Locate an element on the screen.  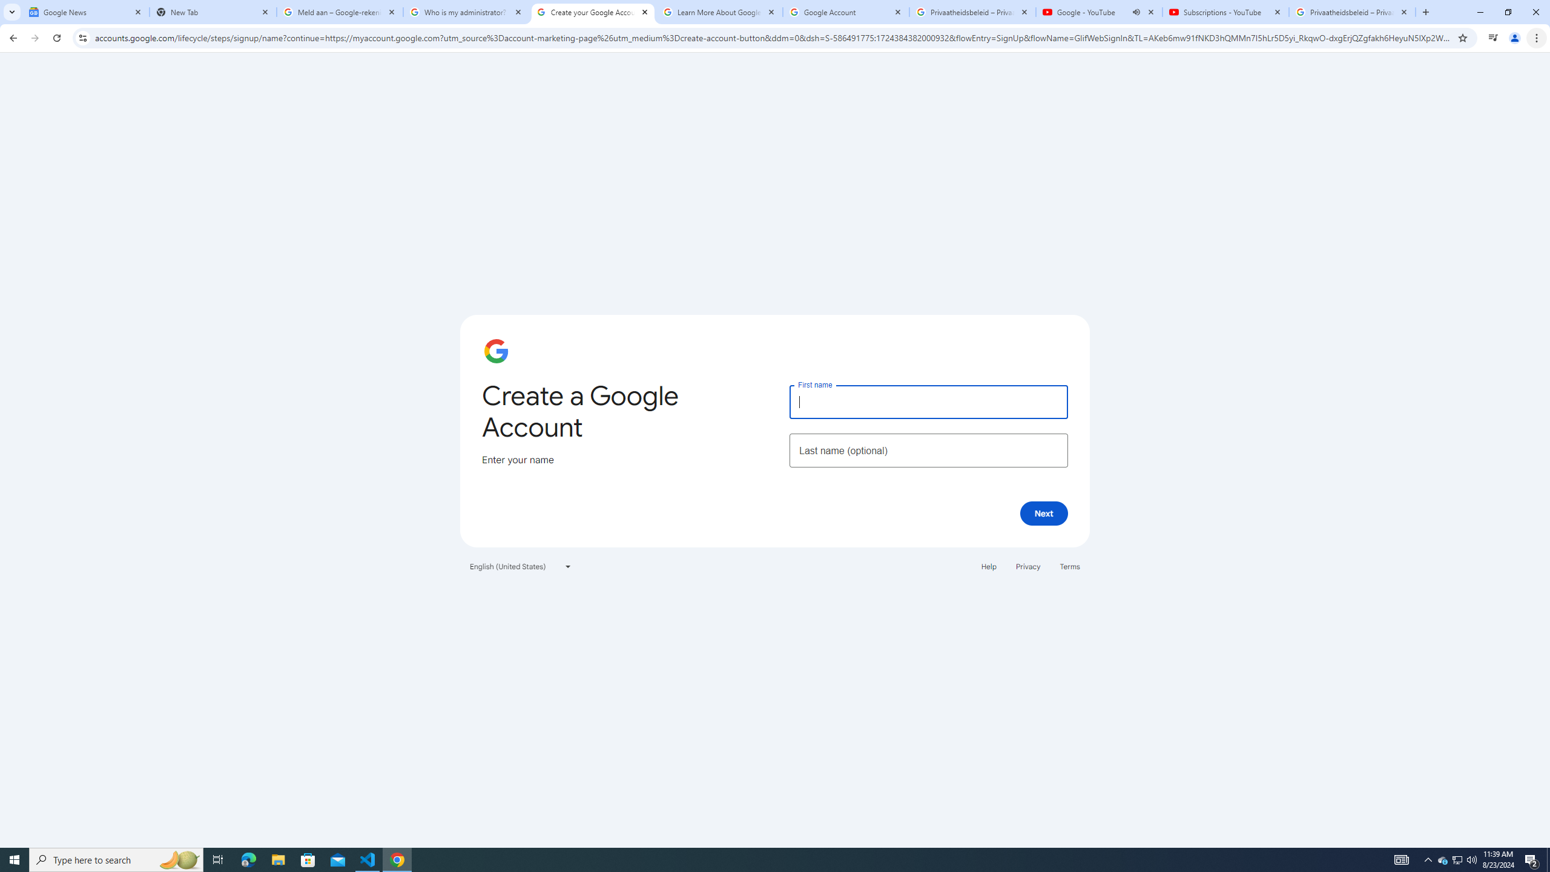
'Mute tab' is located at coordinates (1135, 12).